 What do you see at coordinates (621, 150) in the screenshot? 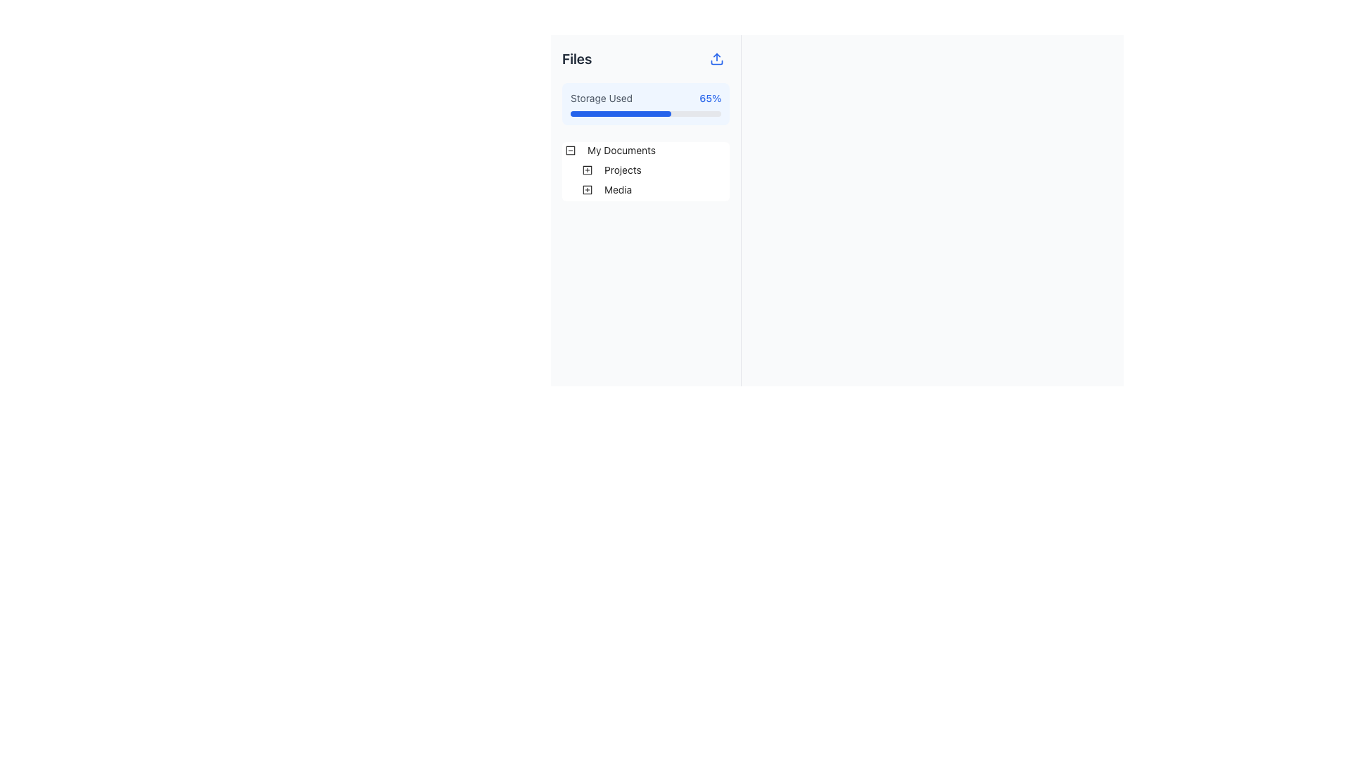
I see `the 'My Documents' tree node item in the file navigation interface` at bounding box center [621, 150].